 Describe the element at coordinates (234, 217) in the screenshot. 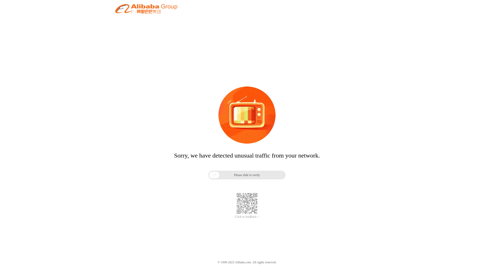

I see `'Click to feedback >'` at that location.